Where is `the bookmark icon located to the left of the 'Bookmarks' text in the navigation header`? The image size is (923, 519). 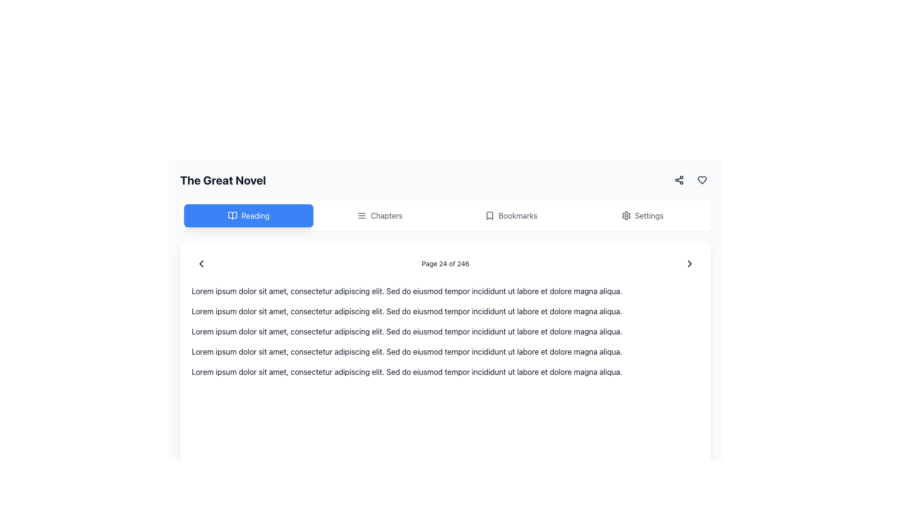 the bookmark icon located to the left of the 'Bookmarks' text in the navigation header is located at coordinates (490, 215).